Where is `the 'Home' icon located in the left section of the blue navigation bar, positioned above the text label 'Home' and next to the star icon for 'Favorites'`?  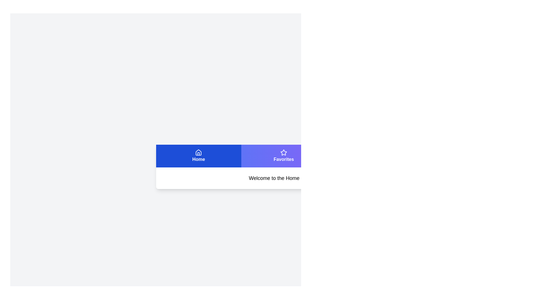 the 'Home' icon located in the left section of the blue navigation bar, positioned above the text label 'Home' and next to the star icon for 'Favorites' is located at coordinates (199, 152).